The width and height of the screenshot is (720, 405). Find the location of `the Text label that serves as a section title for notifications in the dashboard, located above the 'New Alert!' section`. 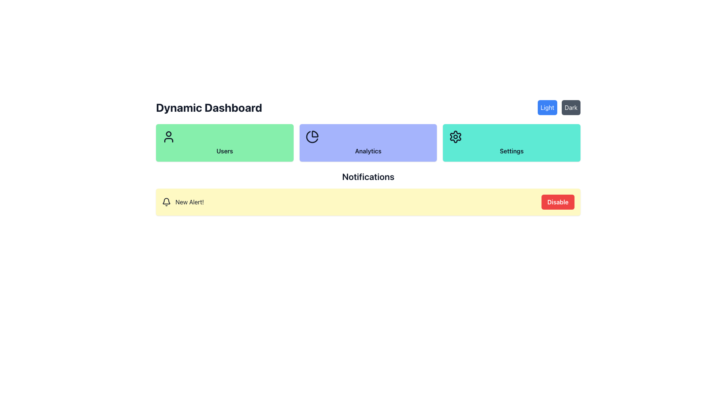

the Text label that serves as a section title for notifications in the dashboard, located above the 'New Alert!' section is located at coordinates (368, 176).